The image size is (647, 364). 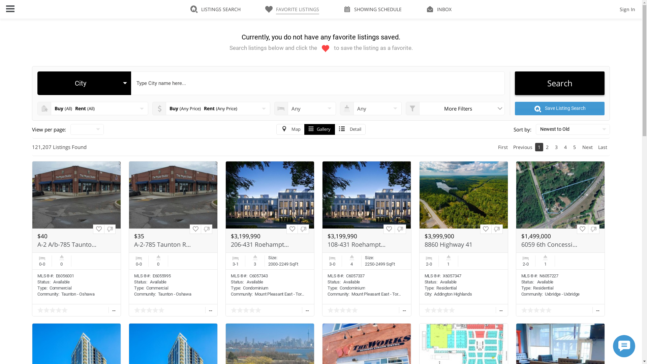 I want to click on '8860 Highway 41', so click(x=454, y=244).